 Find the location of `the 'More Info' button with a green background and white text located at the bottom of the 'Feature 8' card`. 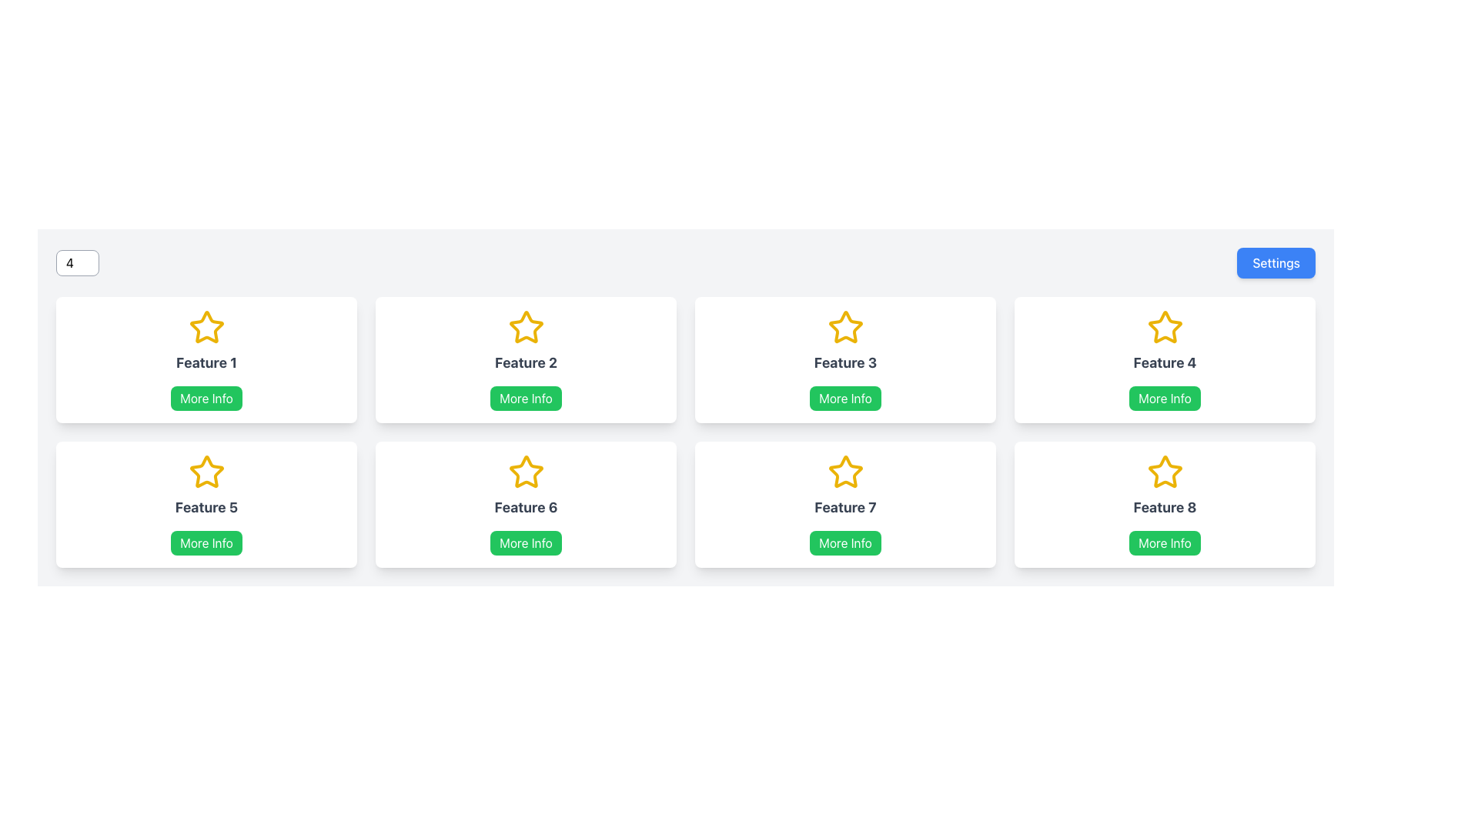

the 'More Info' button with a green background and white text located at the bottom of the 'Feature 8' card is located at coordinates (1165, 542).